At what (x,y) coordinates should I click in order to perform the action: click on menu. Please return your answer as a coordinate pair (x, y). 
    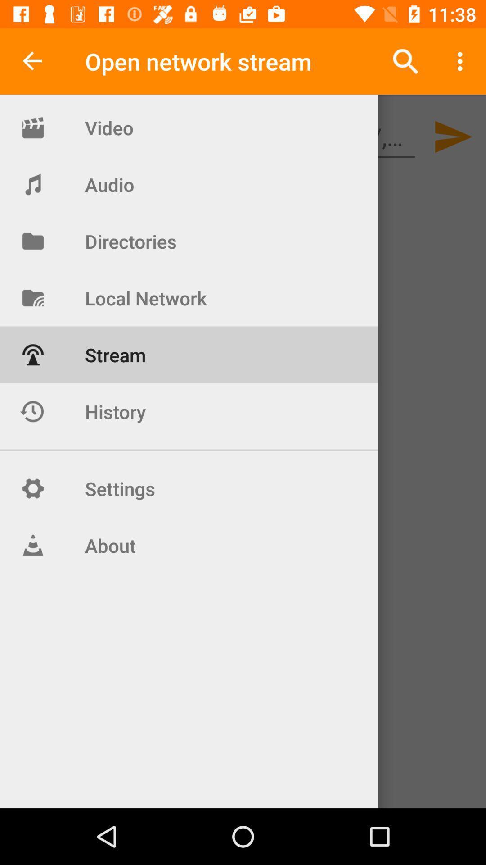
    Looking at the image, I should click on (462, 61).